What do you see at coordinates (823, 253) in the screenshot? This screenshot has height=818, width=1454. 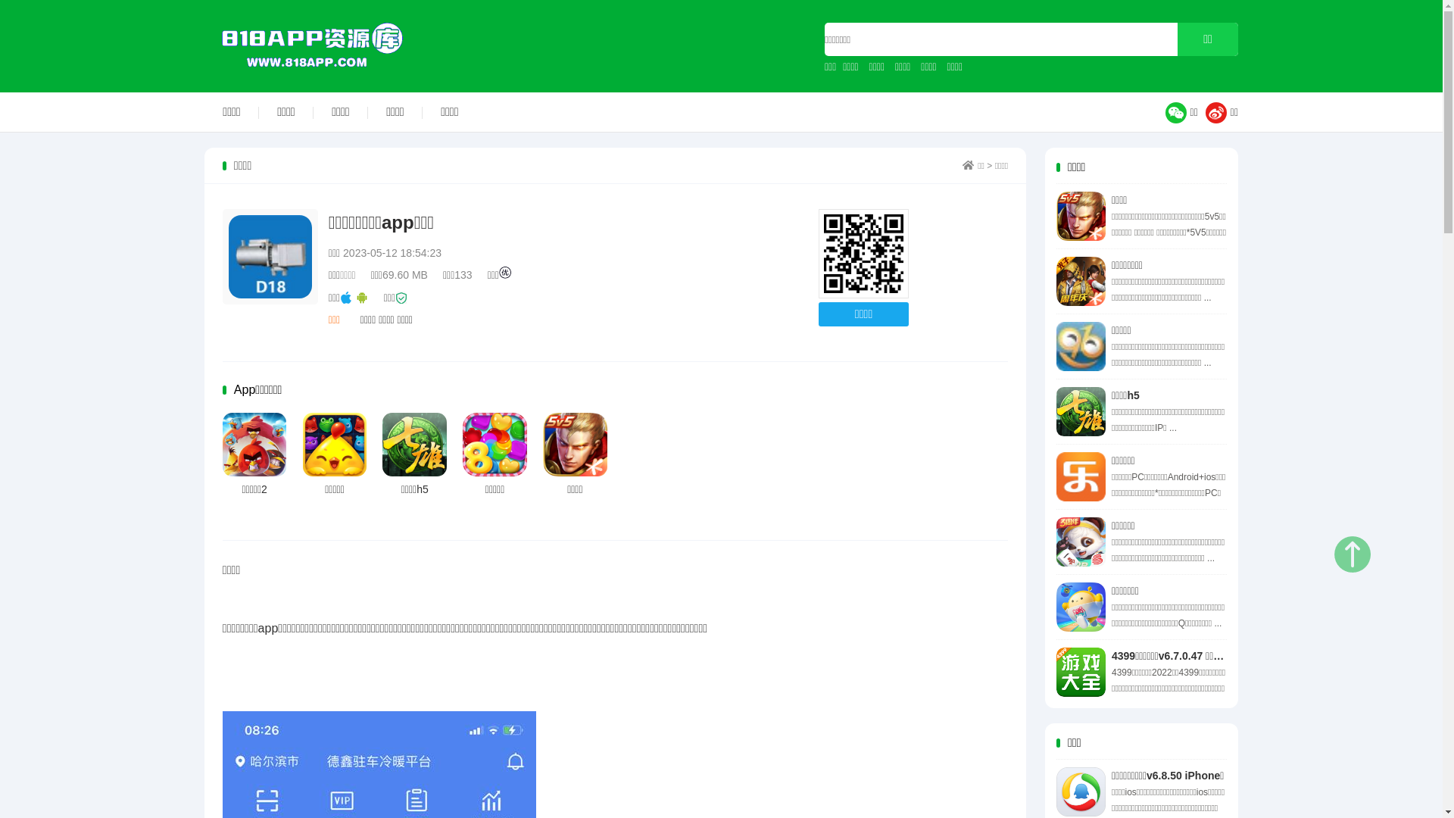 I see `'http://www.818app.com'` at bounding box center [823, 253].